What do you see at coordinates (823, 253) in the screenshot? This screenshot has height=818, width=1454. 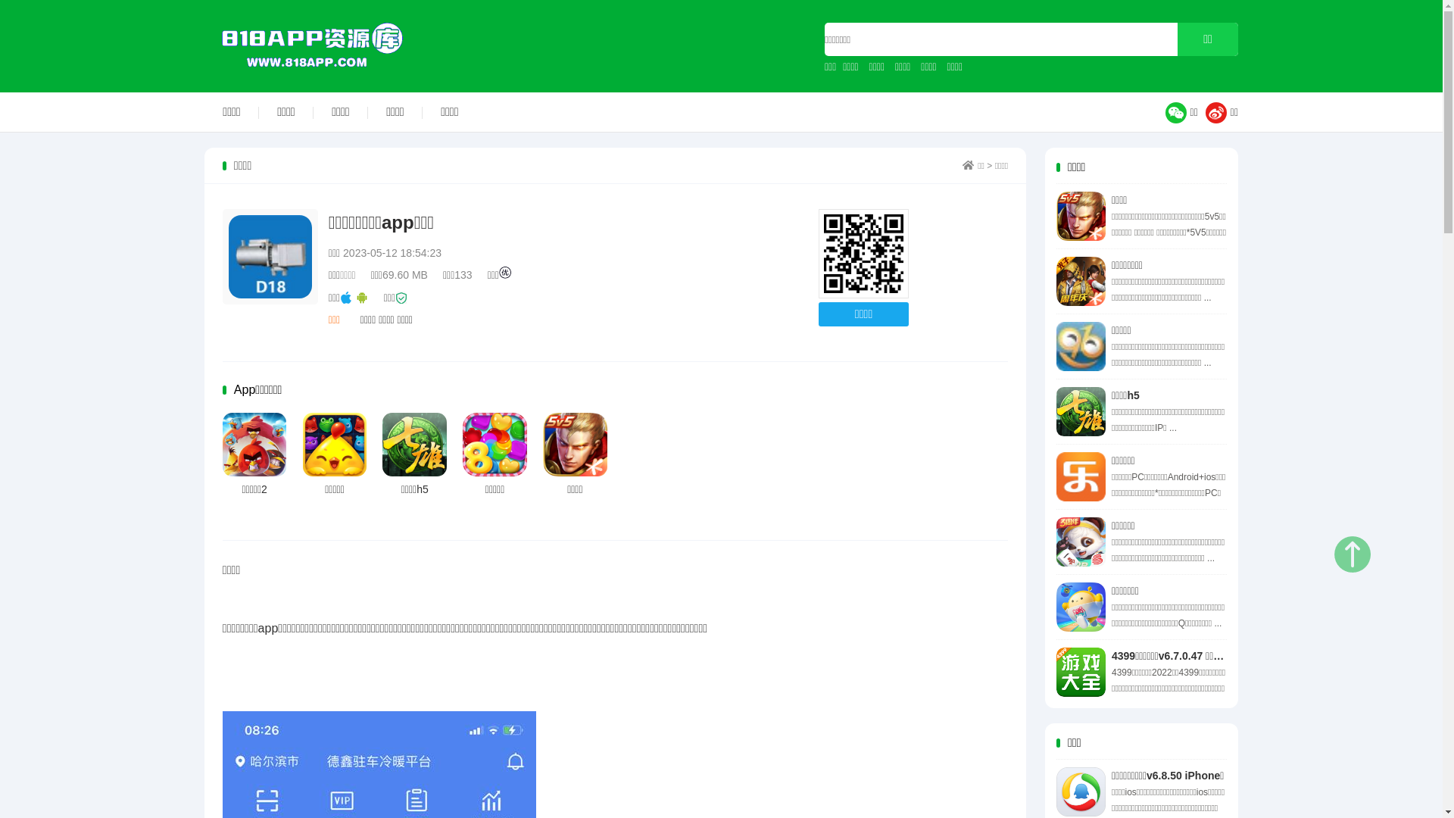 I see `'http://www.818app.com'` at bounding box center [823, 253].